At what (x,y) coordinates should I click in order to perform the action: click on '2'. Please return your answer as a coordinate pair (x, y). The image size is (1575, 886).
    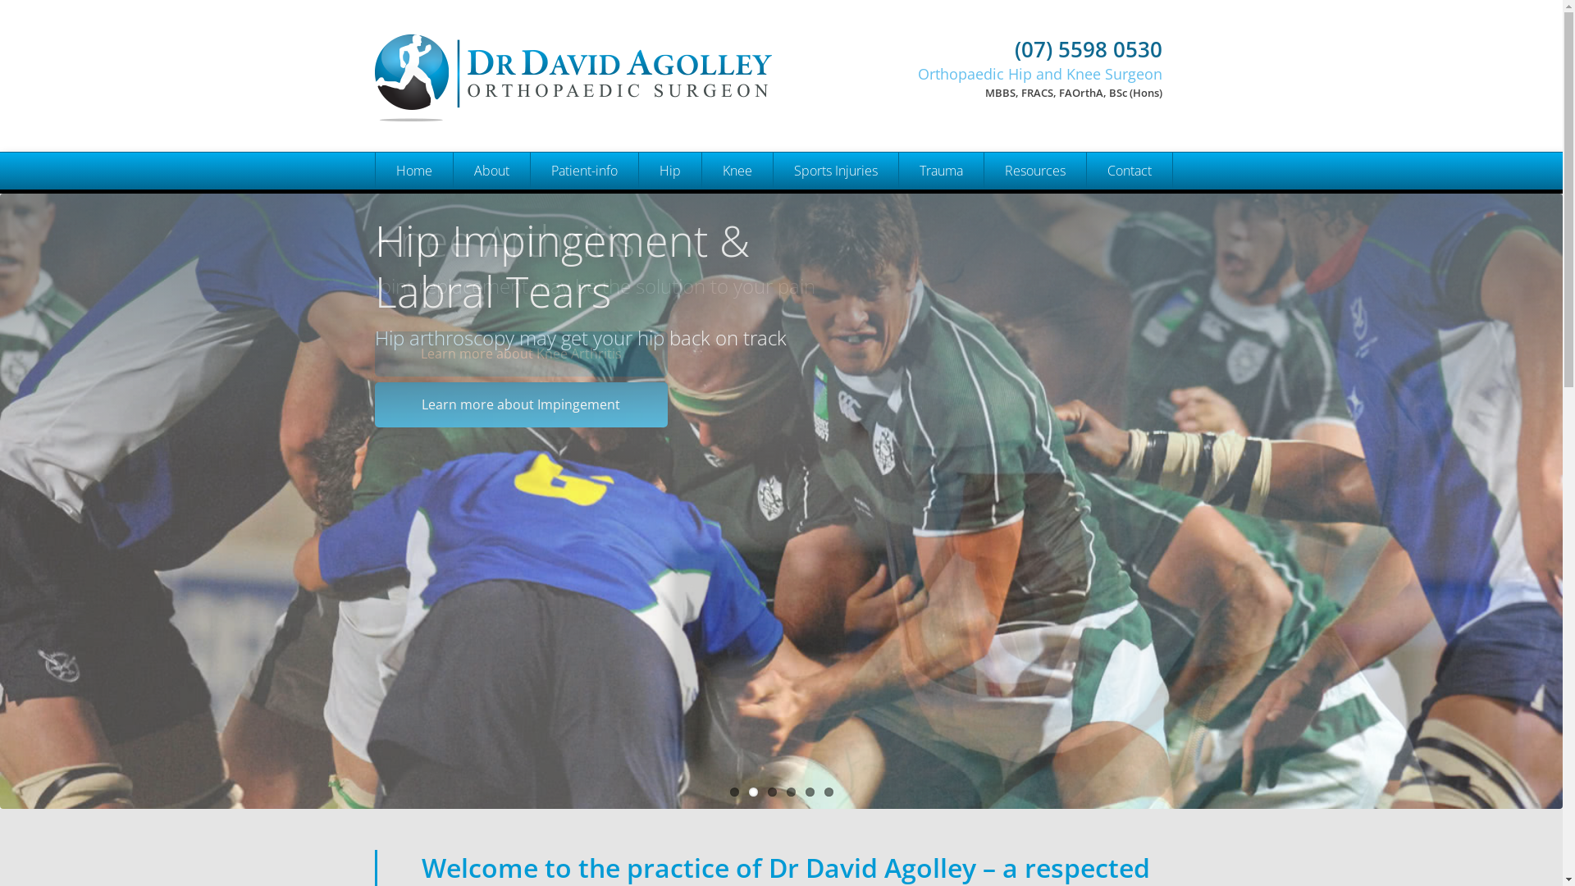
    Looking at the image, I should click on (751, 791).